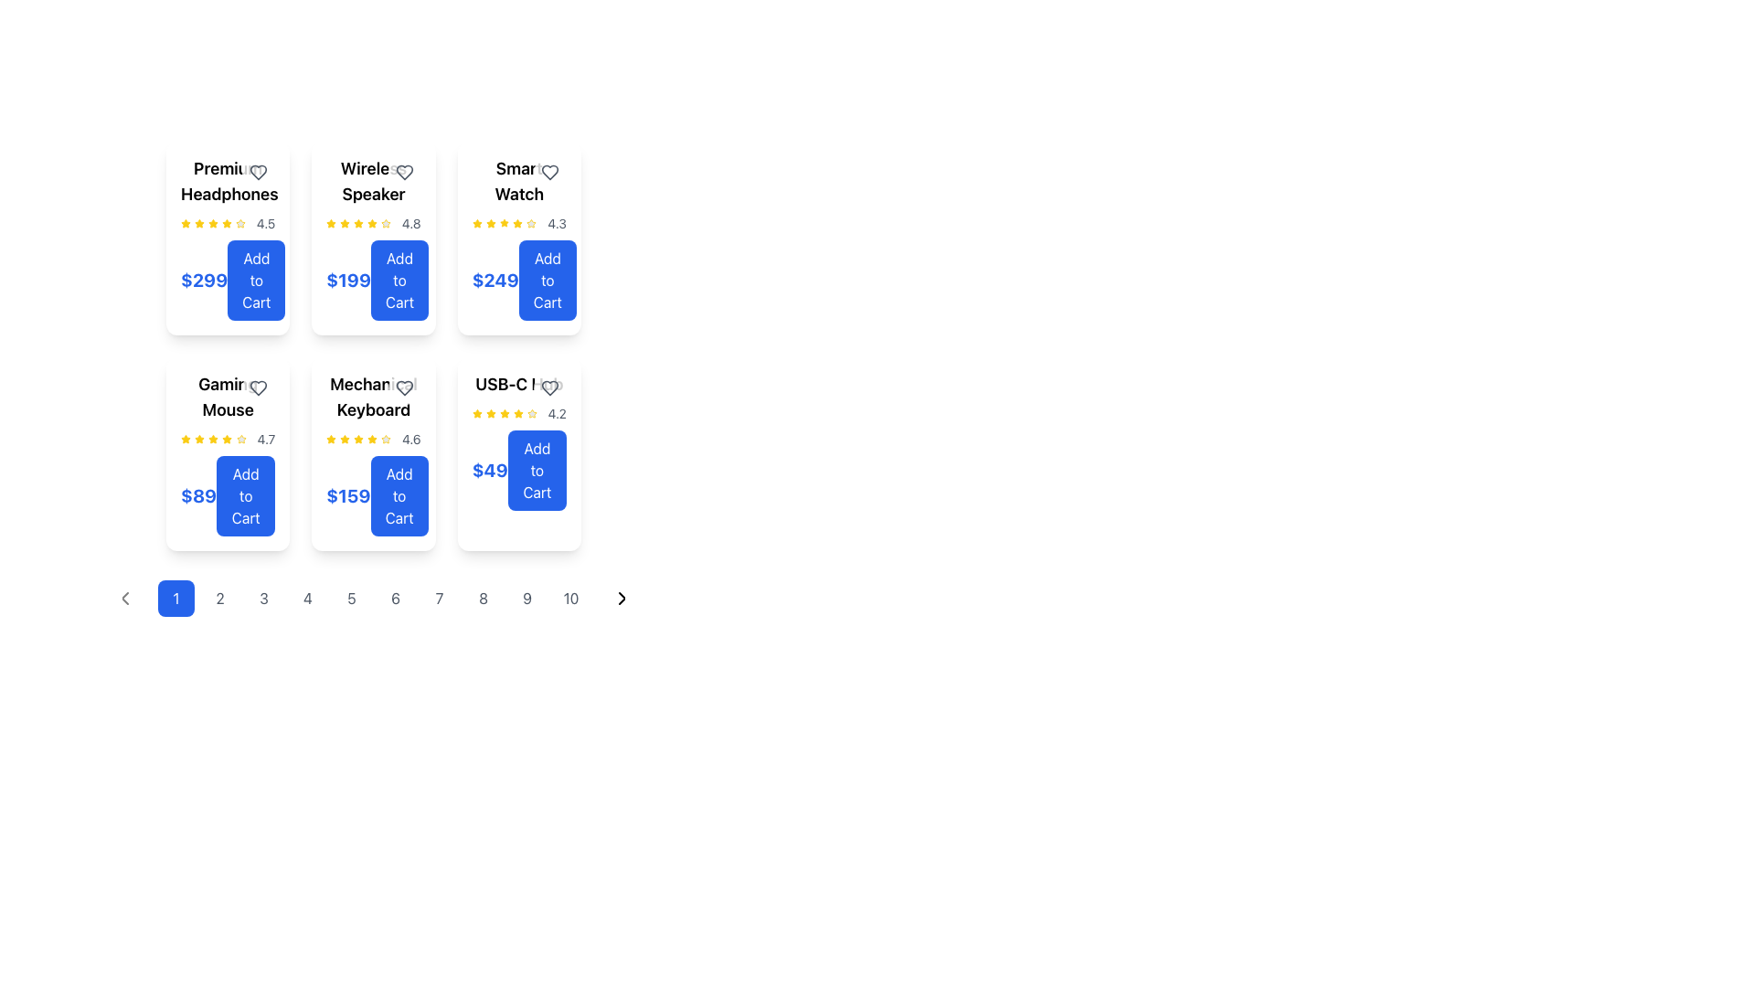  What do you see at coordinates (245, 496) in the screenshot?
I see `the 'Add to Cart' button for the Gaming Mouse located in the bottom-left card of the grid layout` at bounding box center [245, 496].